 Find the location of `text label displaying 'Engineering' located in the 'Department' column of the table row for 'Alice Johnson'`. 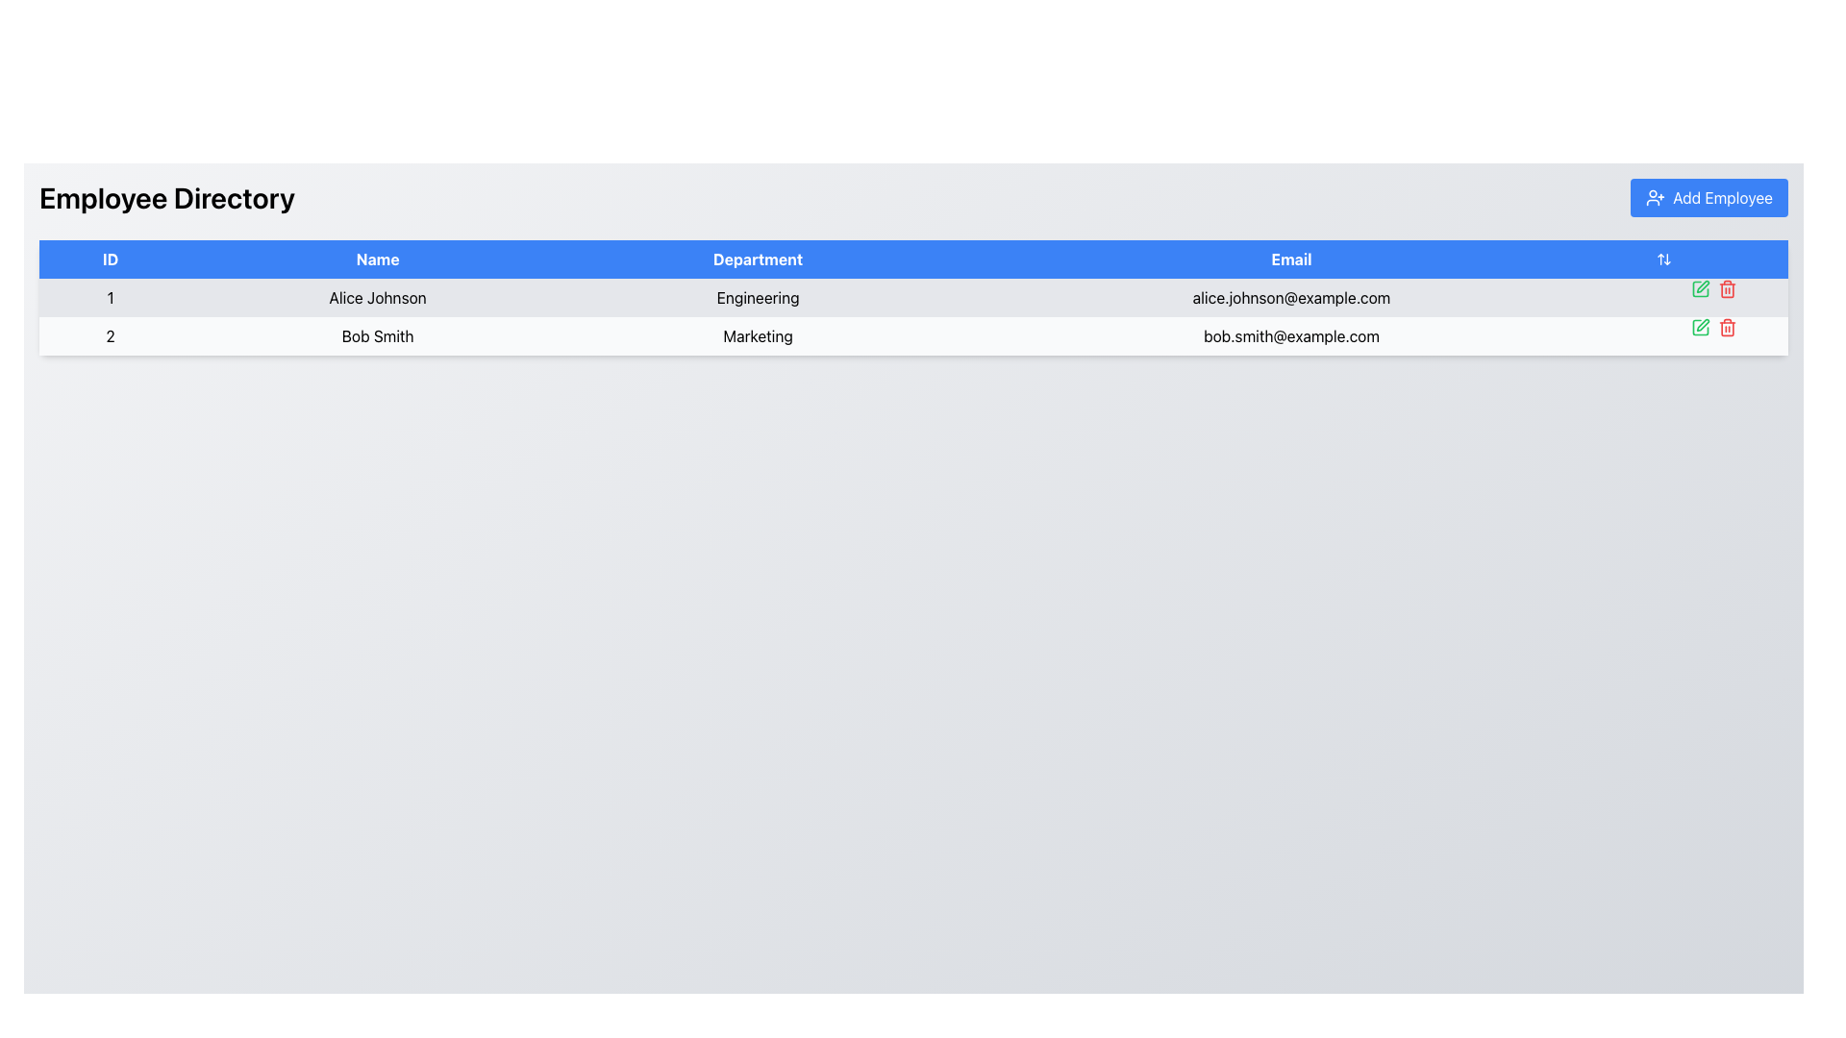

text label displaying 'Engineering' located in the 'Department' column of the table row for 'Alice Johnson' is located at coordinates (757, 297).